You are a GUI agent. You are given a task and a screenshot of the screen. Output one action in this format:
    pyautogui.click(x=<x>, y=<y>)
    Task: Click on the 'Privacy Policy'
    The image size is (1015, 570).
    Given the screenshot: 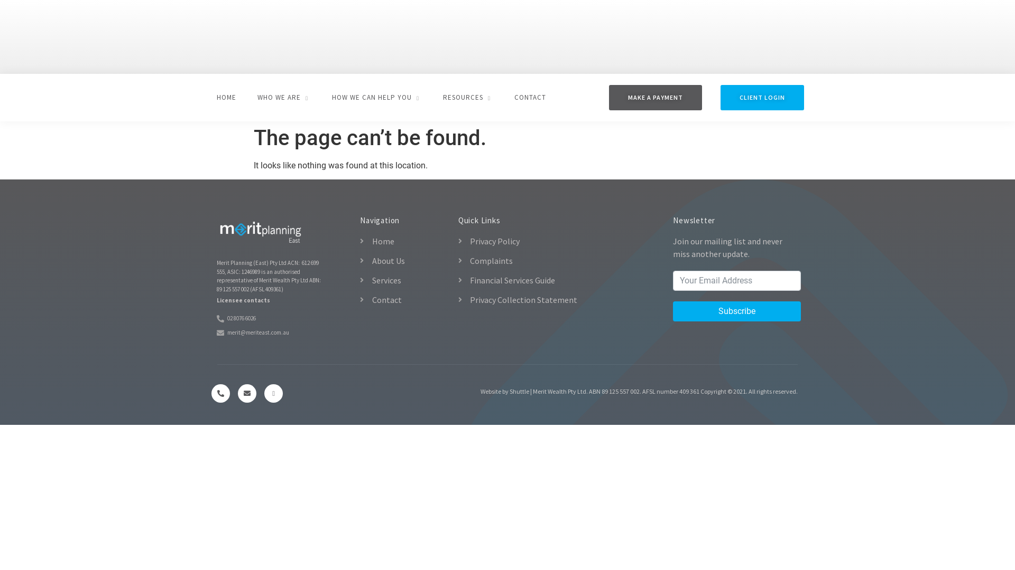 What is the action you would take?
    pyautogui.click(x=458, y=241)
    